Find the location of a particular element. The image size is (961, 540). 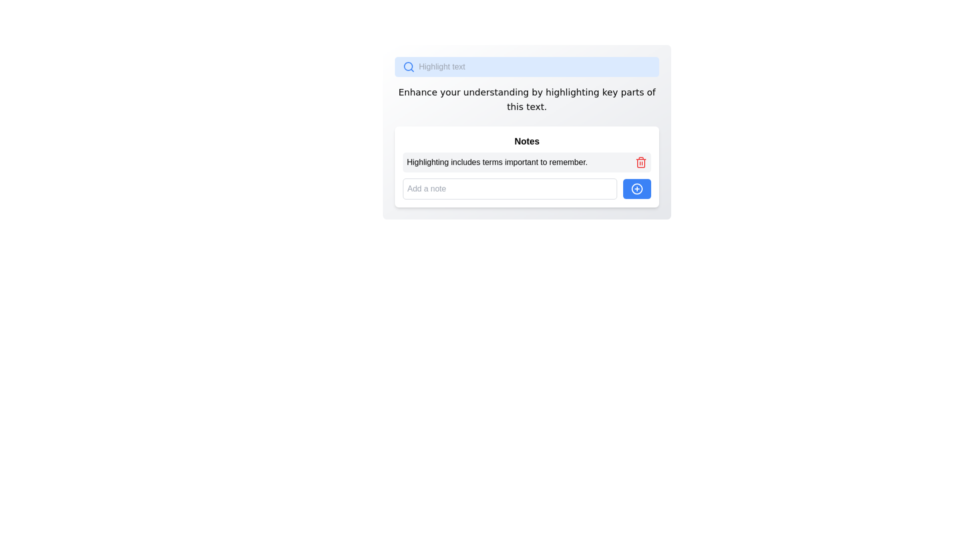

the lowercase letter 'n' in the word 'Enhance' within the phrase 'Enhance your understanding by highlighting key parts of this text.' is located at coordinates (407, 92).